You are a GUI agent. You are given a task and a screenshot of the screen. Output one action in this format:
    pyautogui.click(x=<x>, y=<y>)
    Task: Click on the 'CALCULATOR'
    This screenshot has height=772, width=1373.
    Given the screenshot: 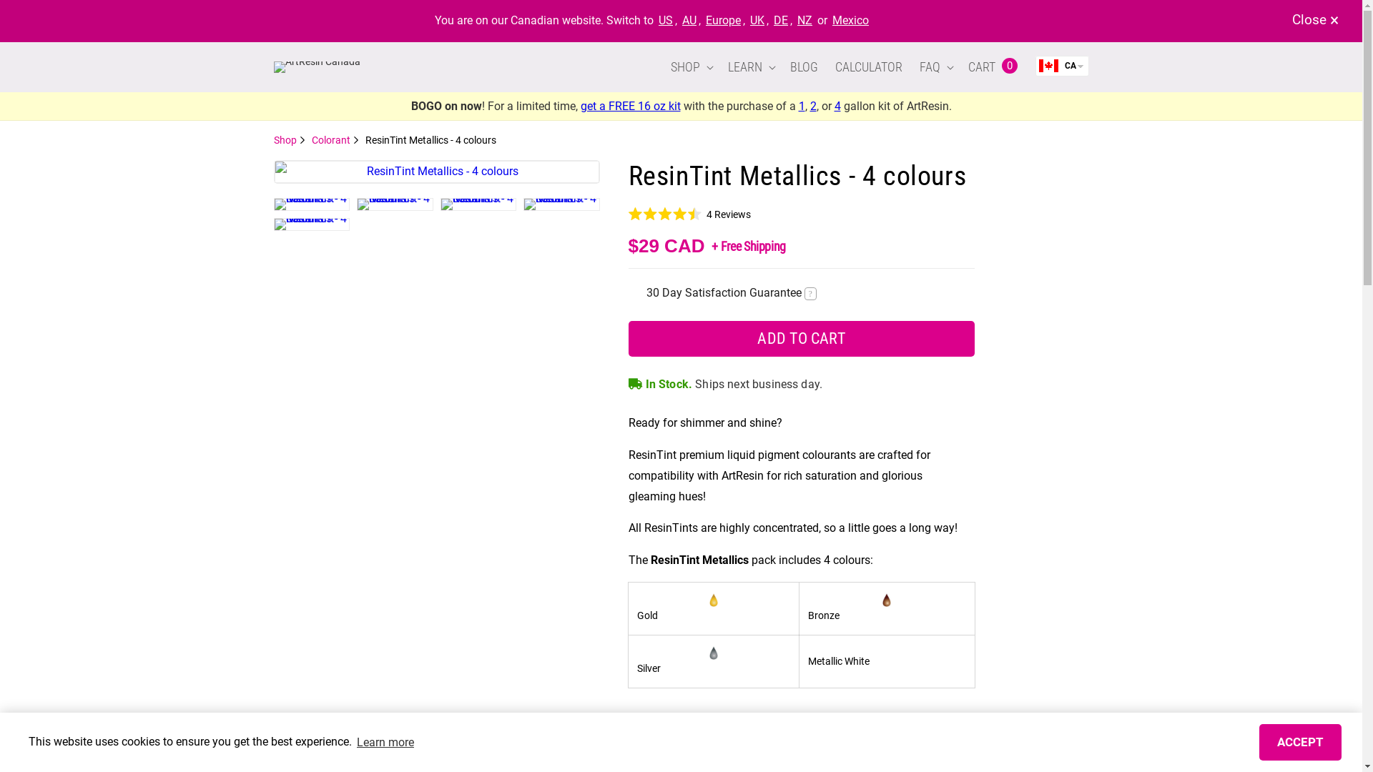 What is the action you would take?
    pyautogui.click(x=867, y=66)
    